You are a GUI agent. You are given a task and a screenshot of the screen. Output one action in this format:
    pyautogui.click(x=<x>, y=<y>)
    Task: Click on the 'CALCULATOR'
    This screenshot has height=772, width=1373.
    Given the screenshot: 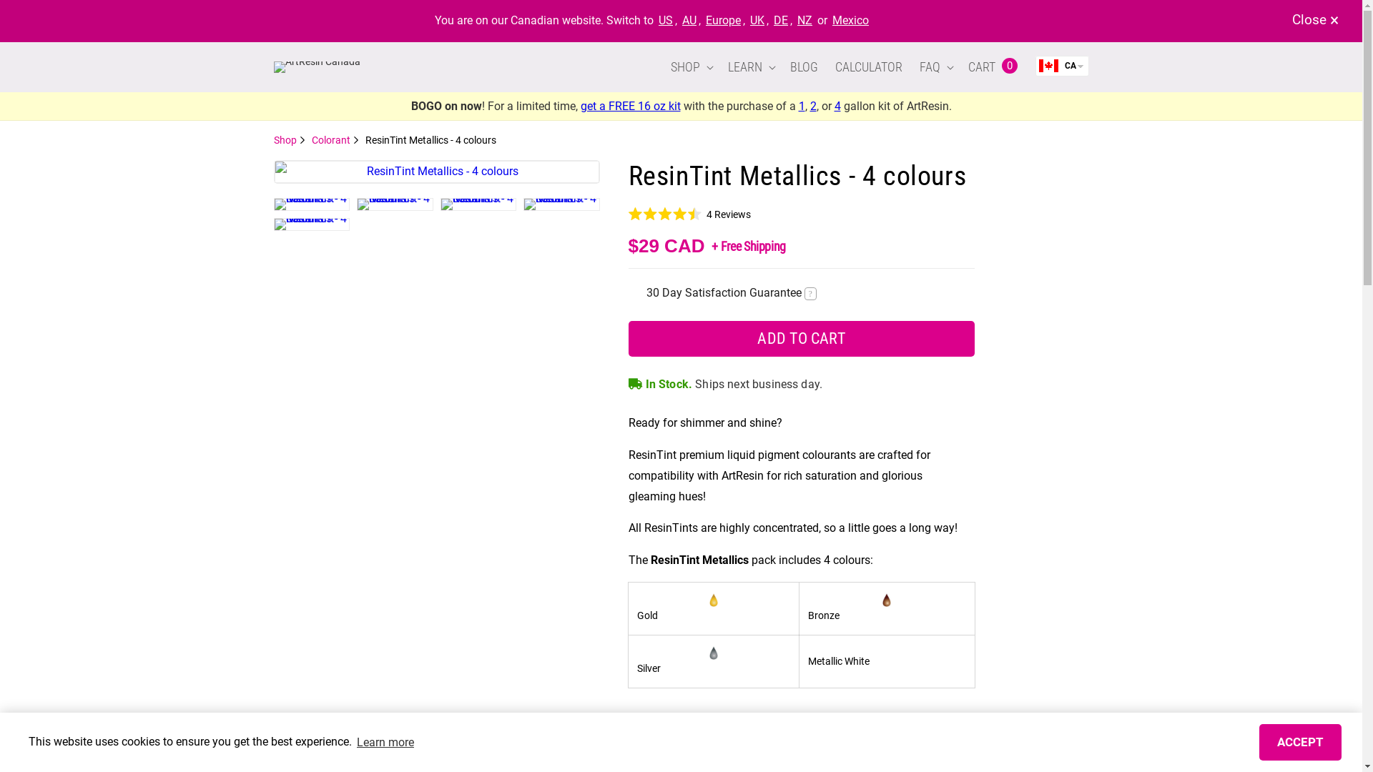 What is the action you would take?
    pyautogui.click(x=867, y=66)
    